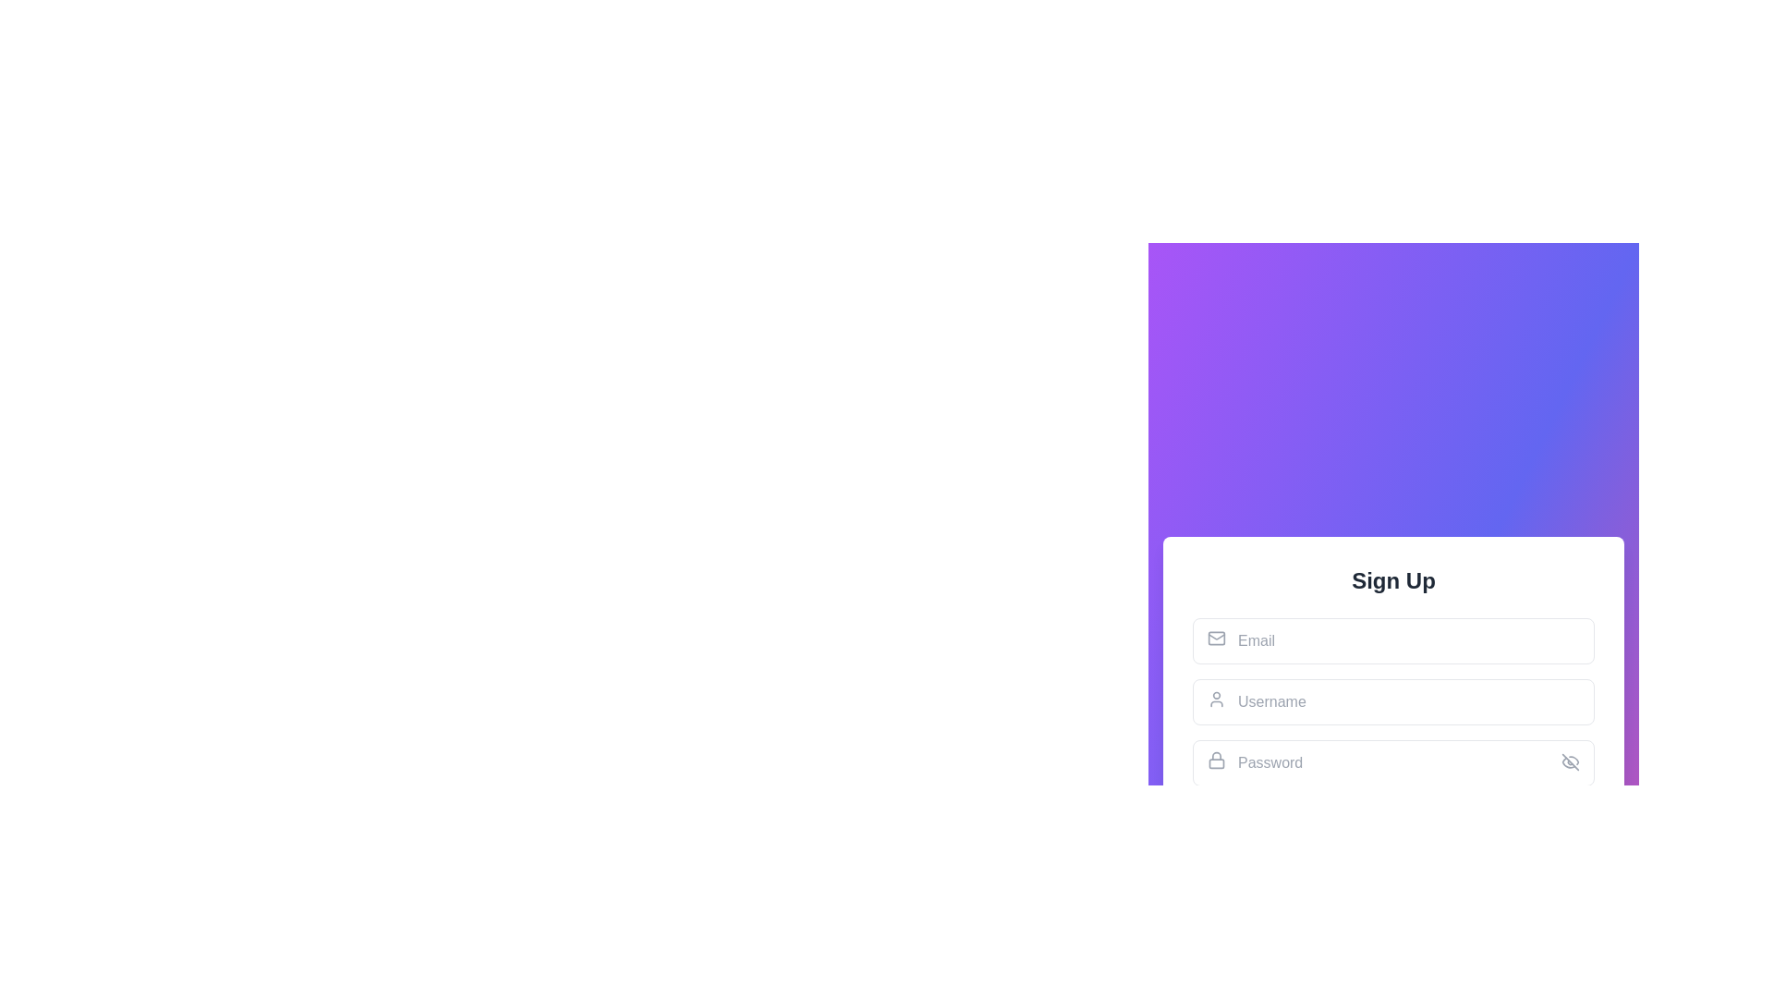  Describe the element at coordinates (1393, 701) in the screenshot. I see `the username input field, which is the second input field in a vertical list within the form, by using the tab key` at that location.